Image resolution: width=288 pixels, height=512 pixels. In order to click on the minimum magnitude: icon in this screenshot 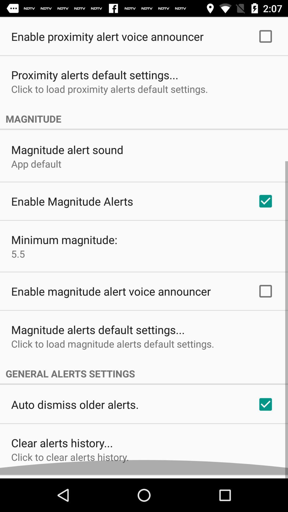, I will do `click(64, 243)`.